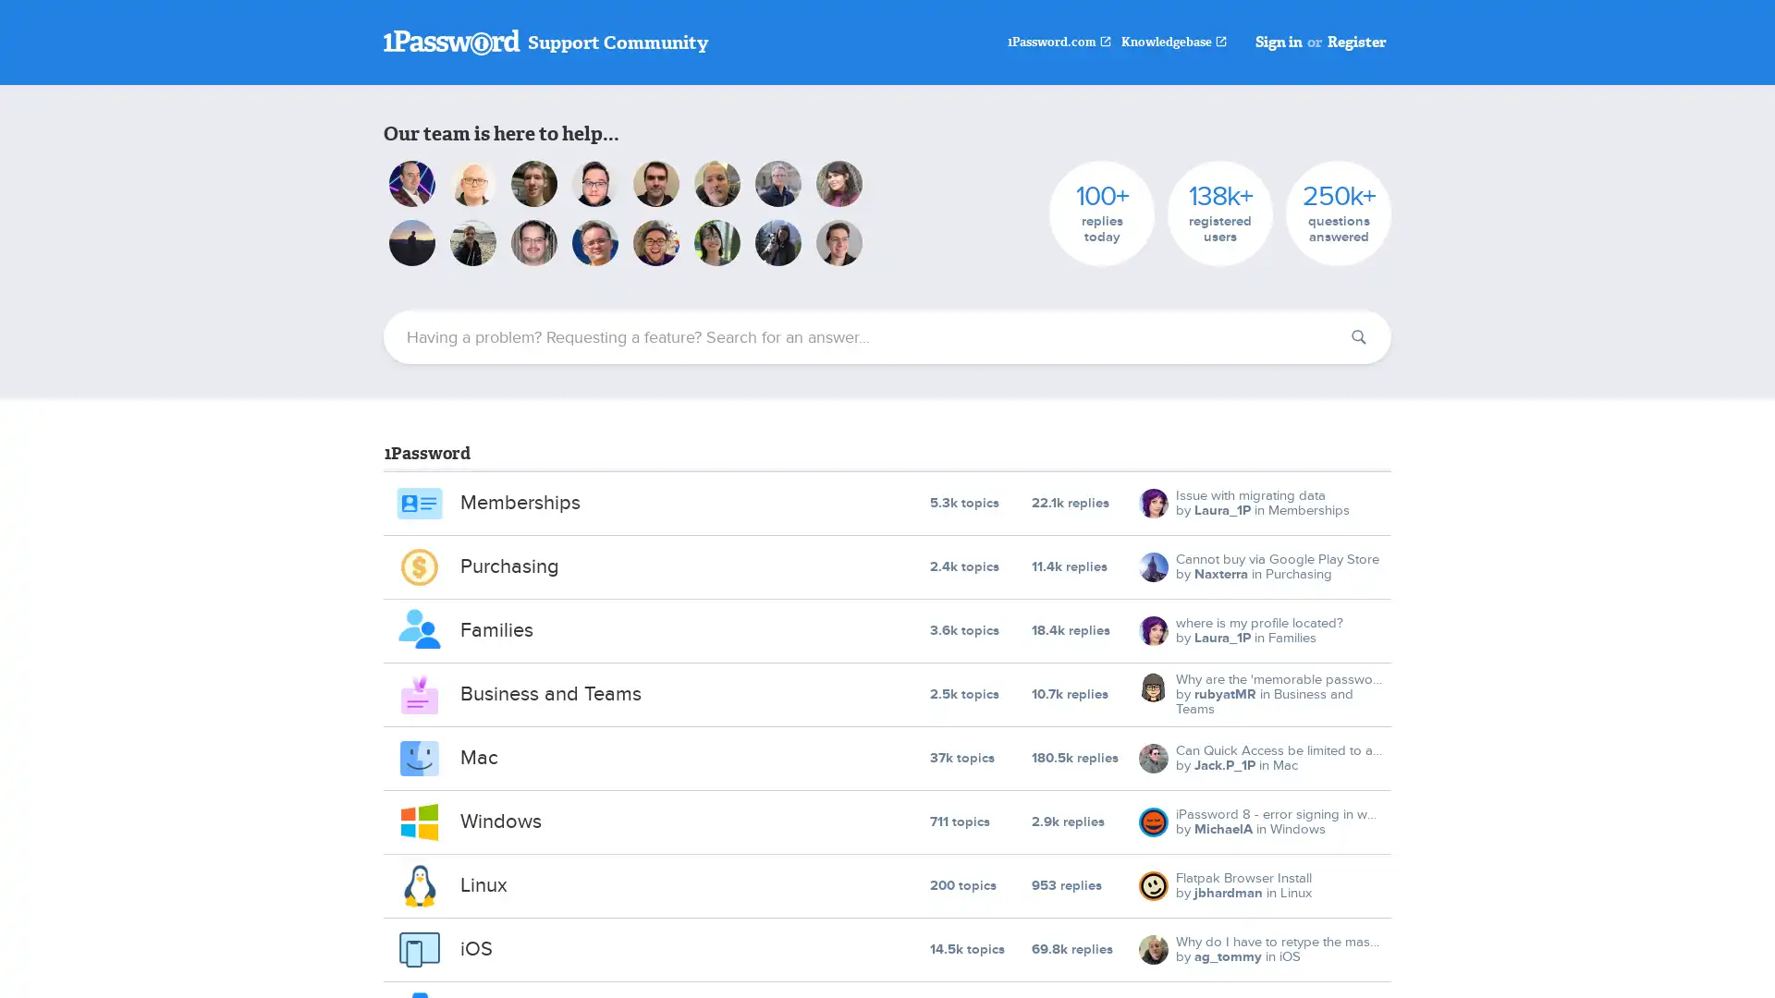 This screenshot has width=1775, height=998. I want to click on Go, so click(1358, 337).